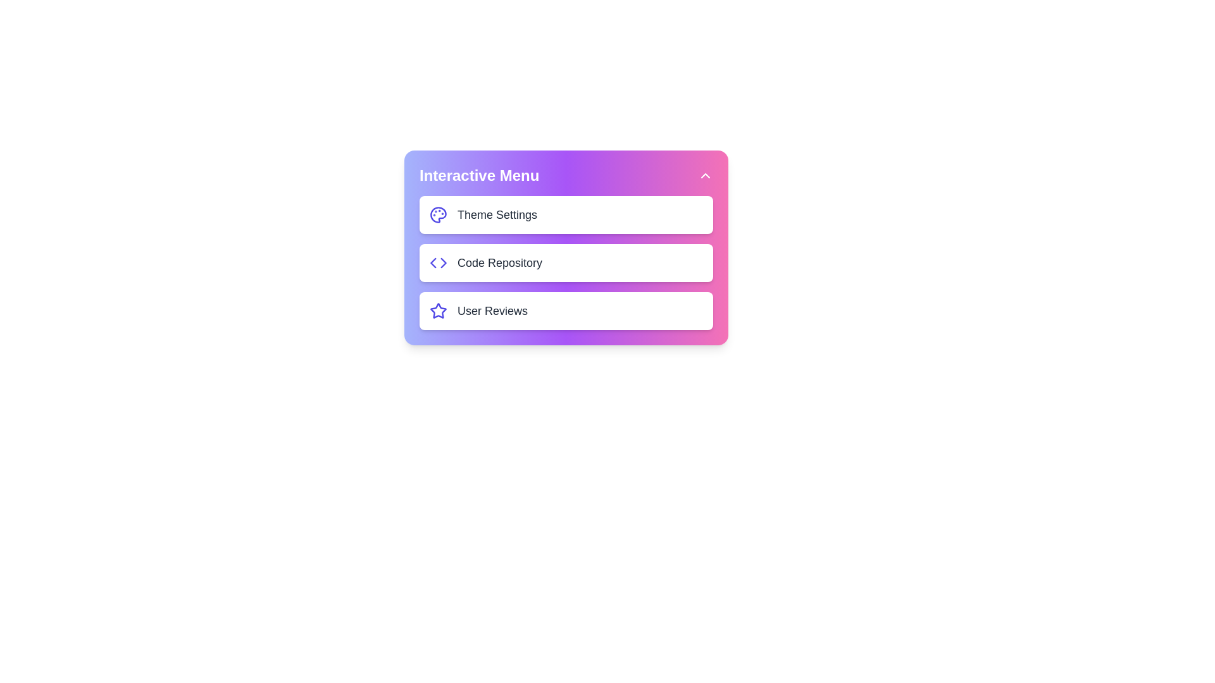 Image resolution: width=1215 pixels, height=683 pixels. What do you see at coordinates (565, 214) in the screenshot?
I see `the menu item Theme Settings to observe visual feedback` at bounding box center [565, 214].